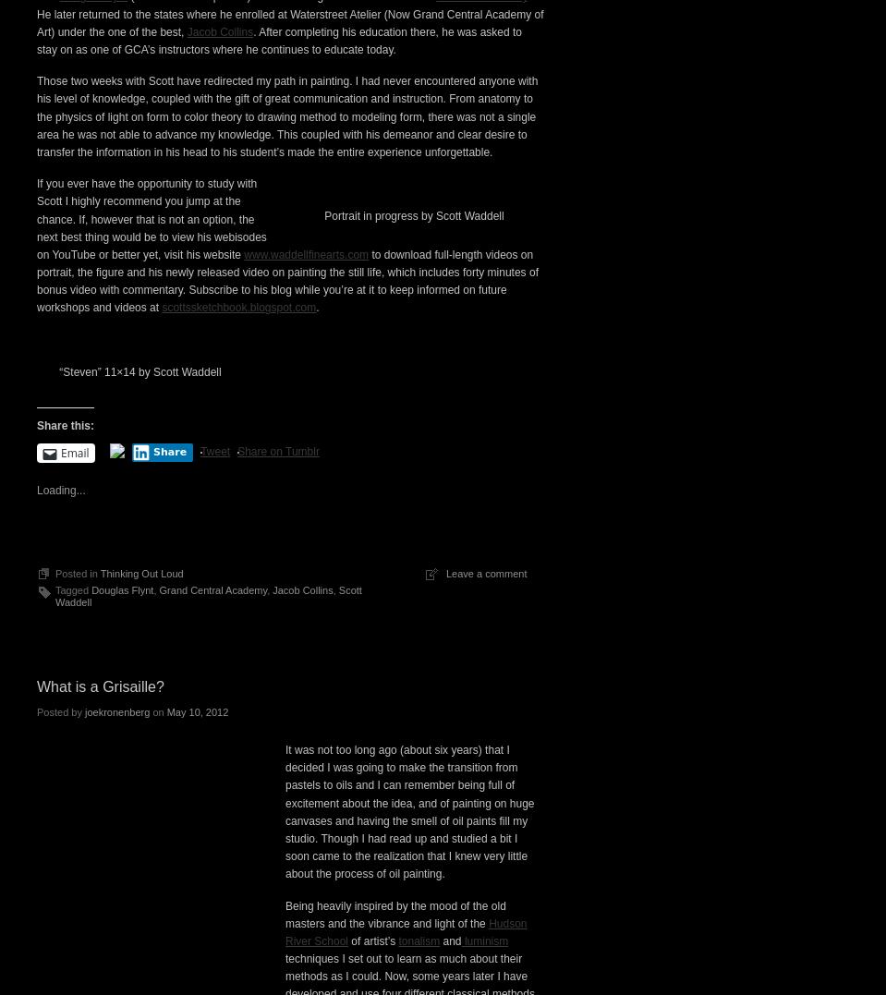 Image resolution: width=886 pixels, height=995 pixels. Describe the element at coordinates (55, 906) in the screenshot. I see `'Tagged'` at that location.